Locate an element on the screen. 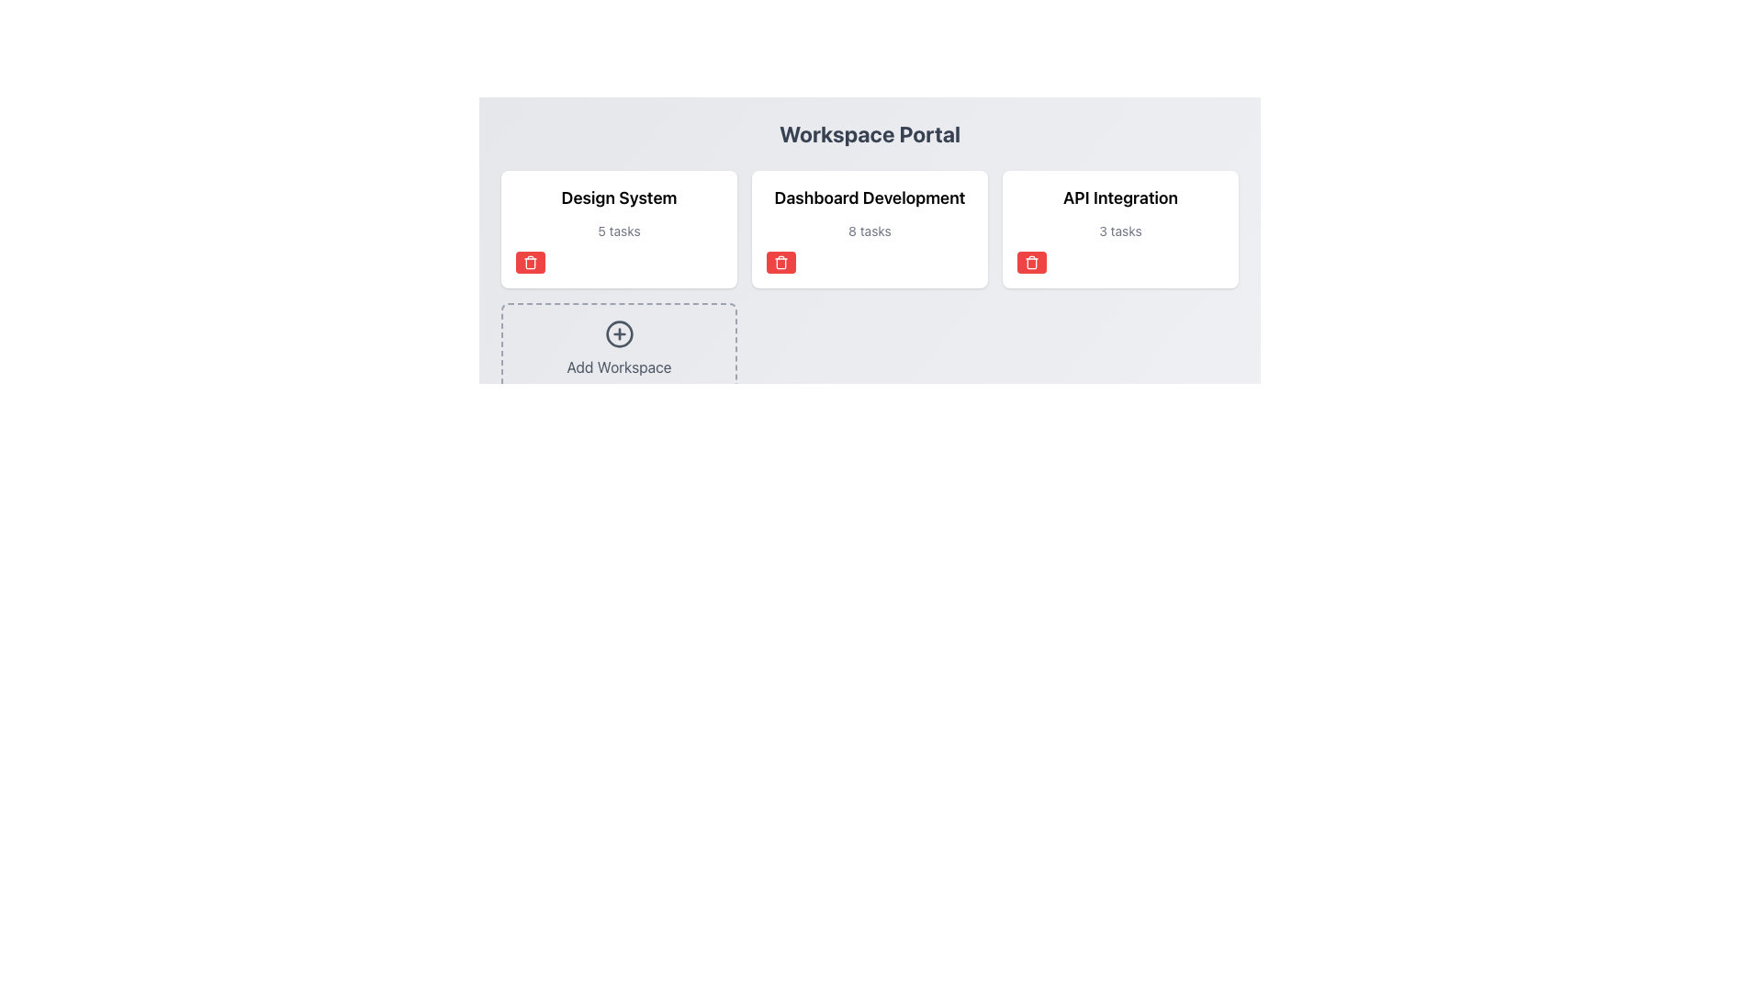 Image resolution: width=1763 pixels, height=992 pixels. the Group panel that contains the bold text 'API Integration' and a red trash icon, which is the third card in a row within a grid layout is located at coordinates (1119, 229).